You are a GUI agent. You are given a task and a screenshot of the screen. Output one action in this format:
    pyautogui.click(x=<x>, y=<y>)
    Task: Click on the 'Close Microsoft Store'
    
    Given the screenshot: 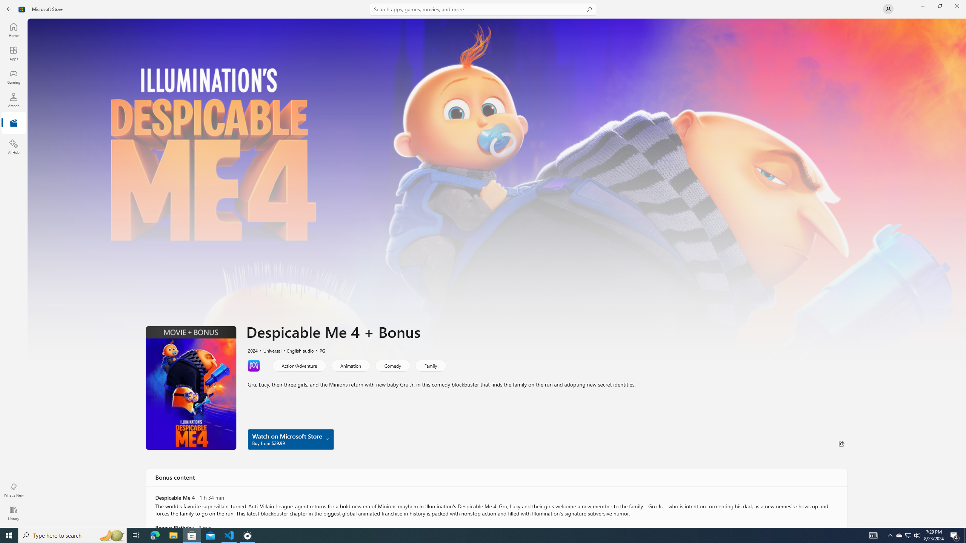 What is the action you would take?
    pyautogui.click(x=957, y=6)
    